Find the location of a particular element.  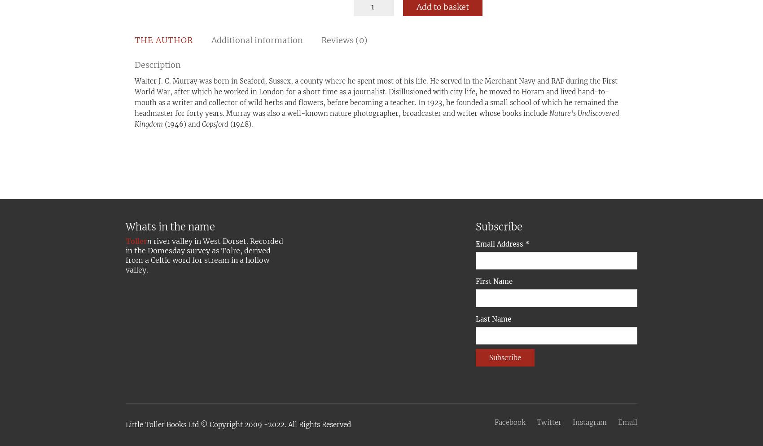

'Copsford' is located at coordinates (215, 124).